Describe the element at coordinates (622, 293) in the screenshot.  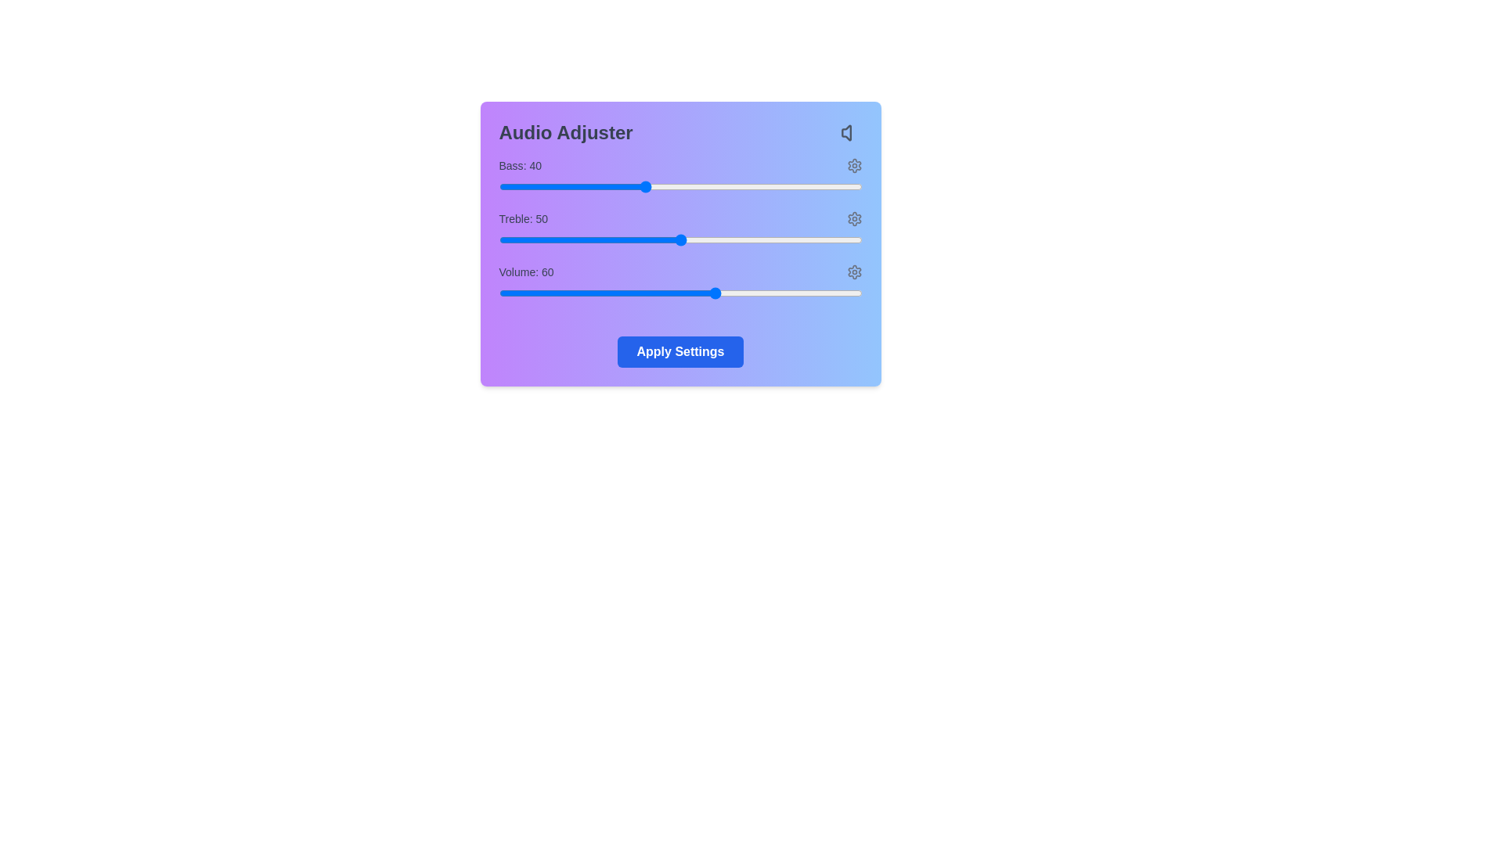
I see `volume level` at that location.